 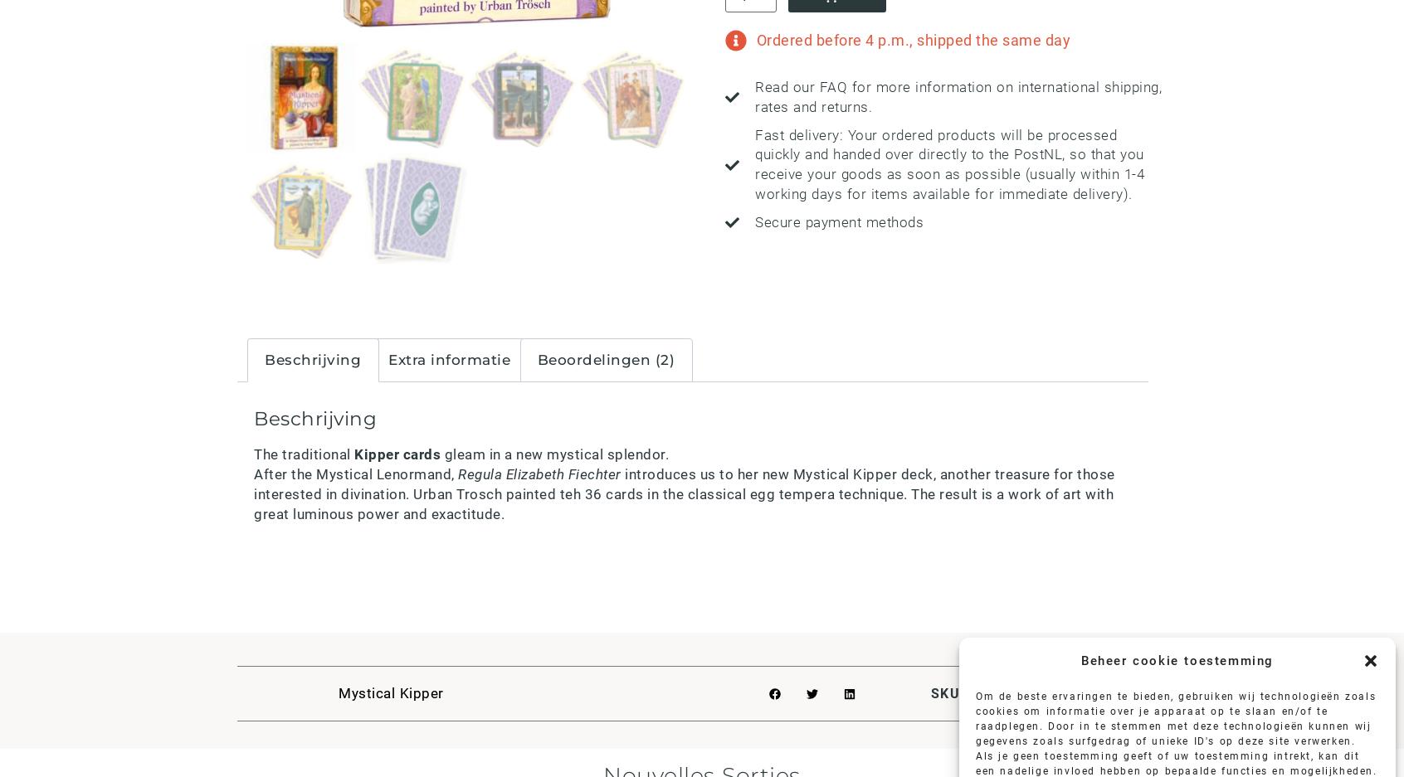 I want to click on 'After the Mystical Lenormand,', so click(x=253, y=474).